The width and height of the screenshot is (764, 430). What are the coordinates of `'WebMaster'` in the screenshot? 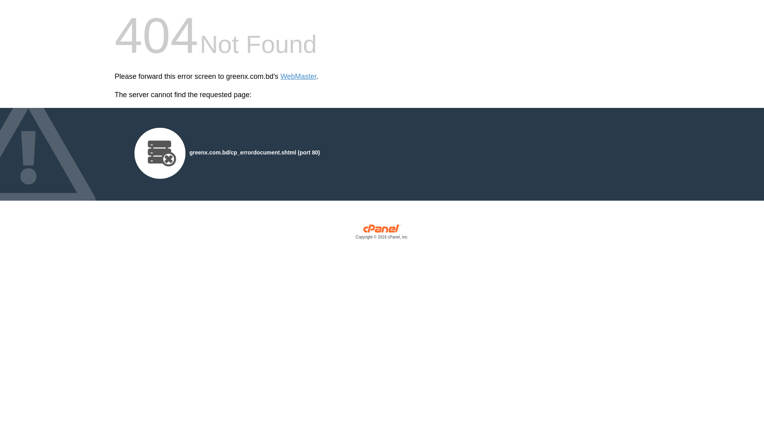 It's located at (298, 76).